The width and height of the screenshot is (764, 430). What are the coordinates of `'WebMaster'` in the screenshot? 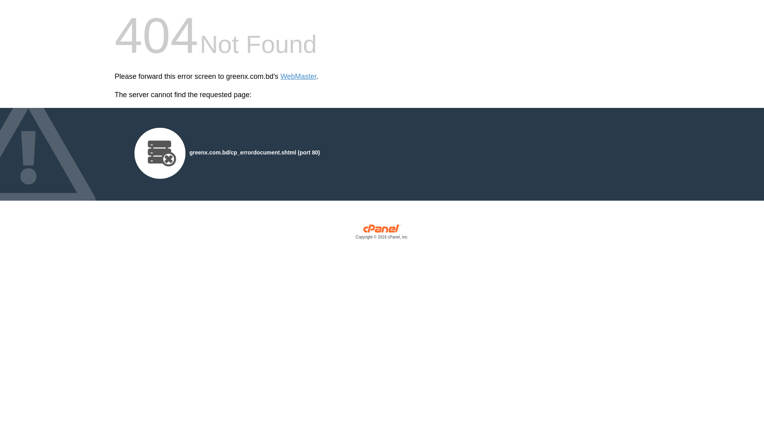 It's located at (298, 76).